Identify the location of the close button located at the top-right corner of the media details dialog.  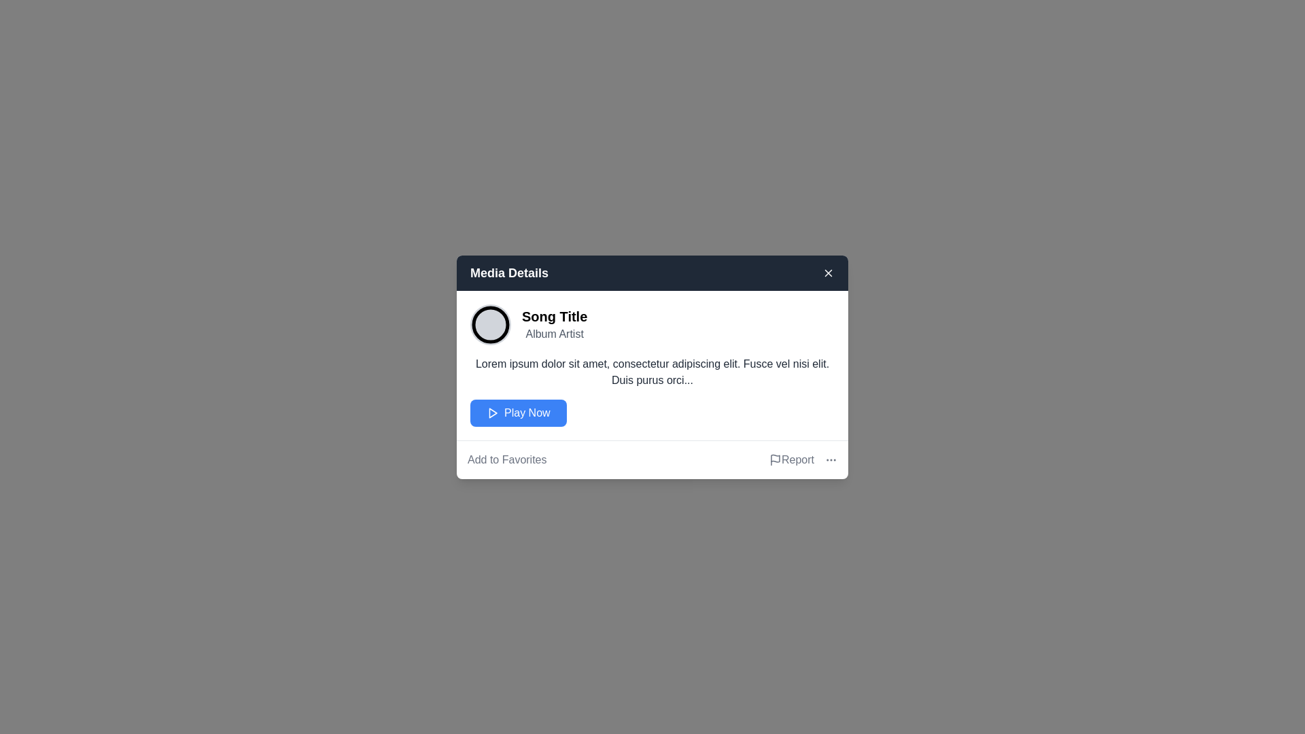
(828, 273).